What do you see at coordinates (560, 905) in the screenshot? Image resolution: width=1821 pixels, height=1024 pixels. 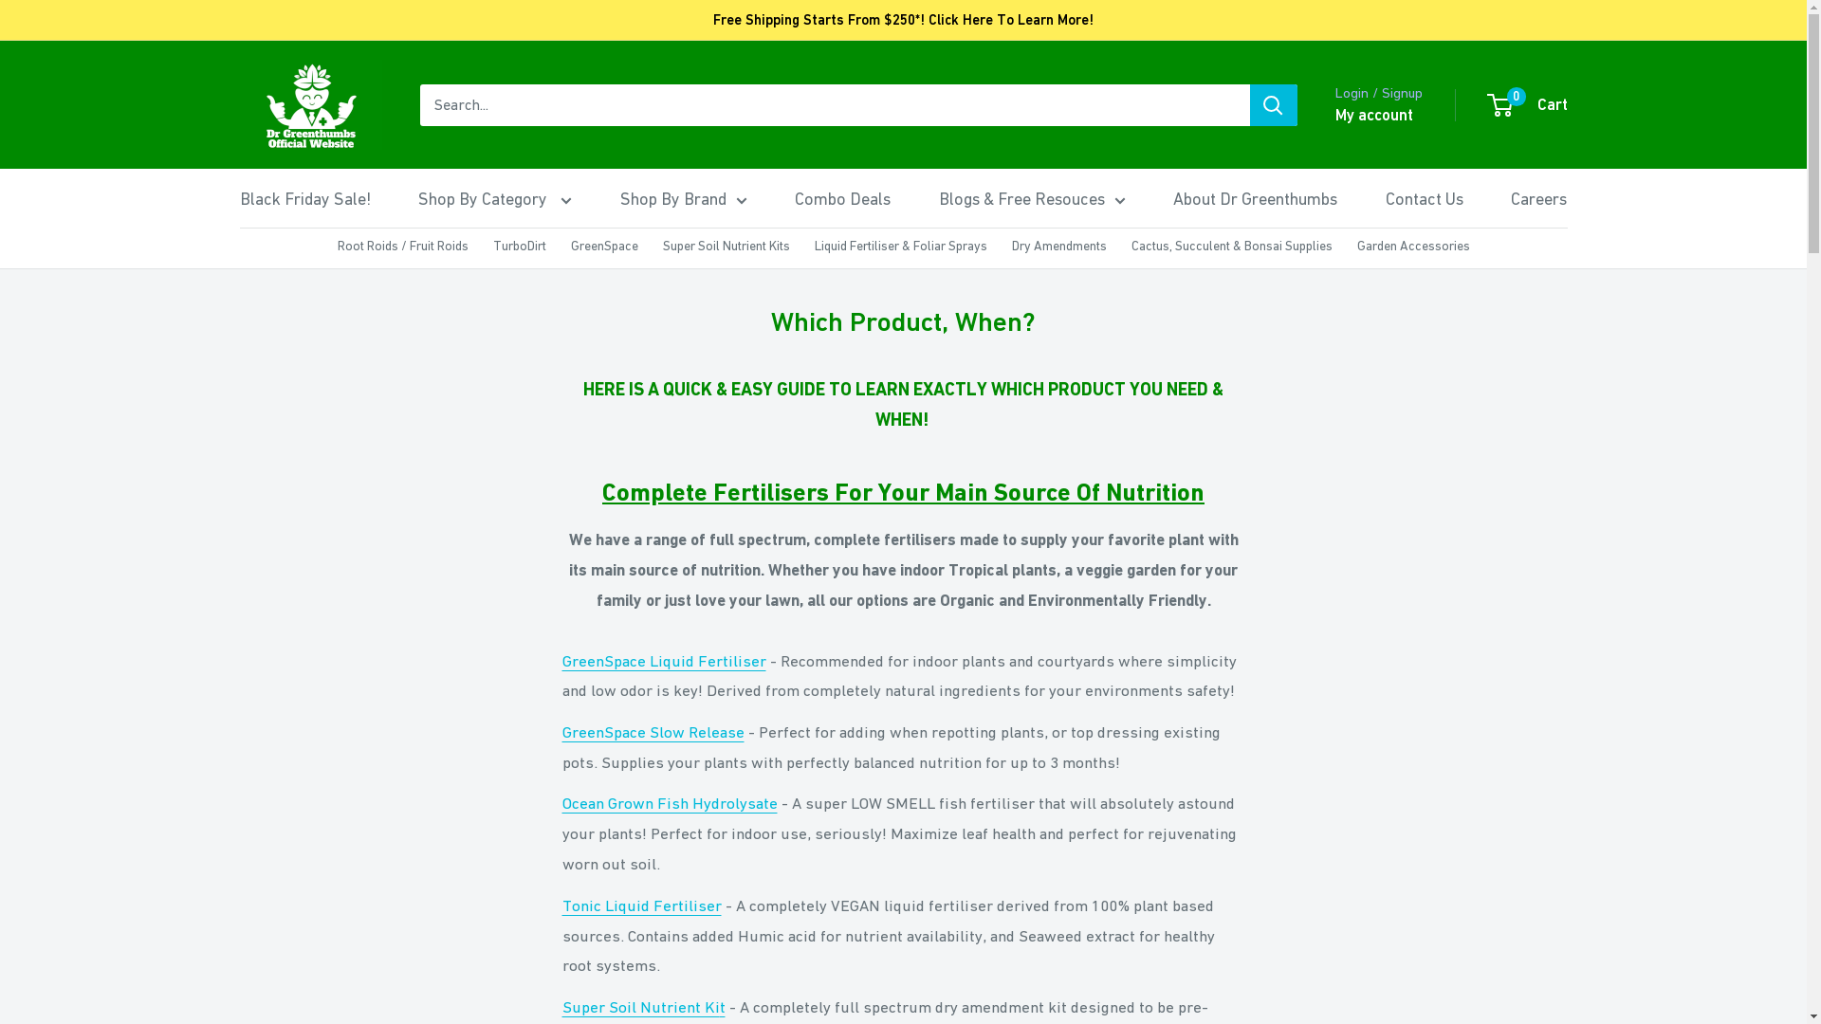 I see `'Tonic Liquid Fertiliser'` at bounding box center [560, 905].